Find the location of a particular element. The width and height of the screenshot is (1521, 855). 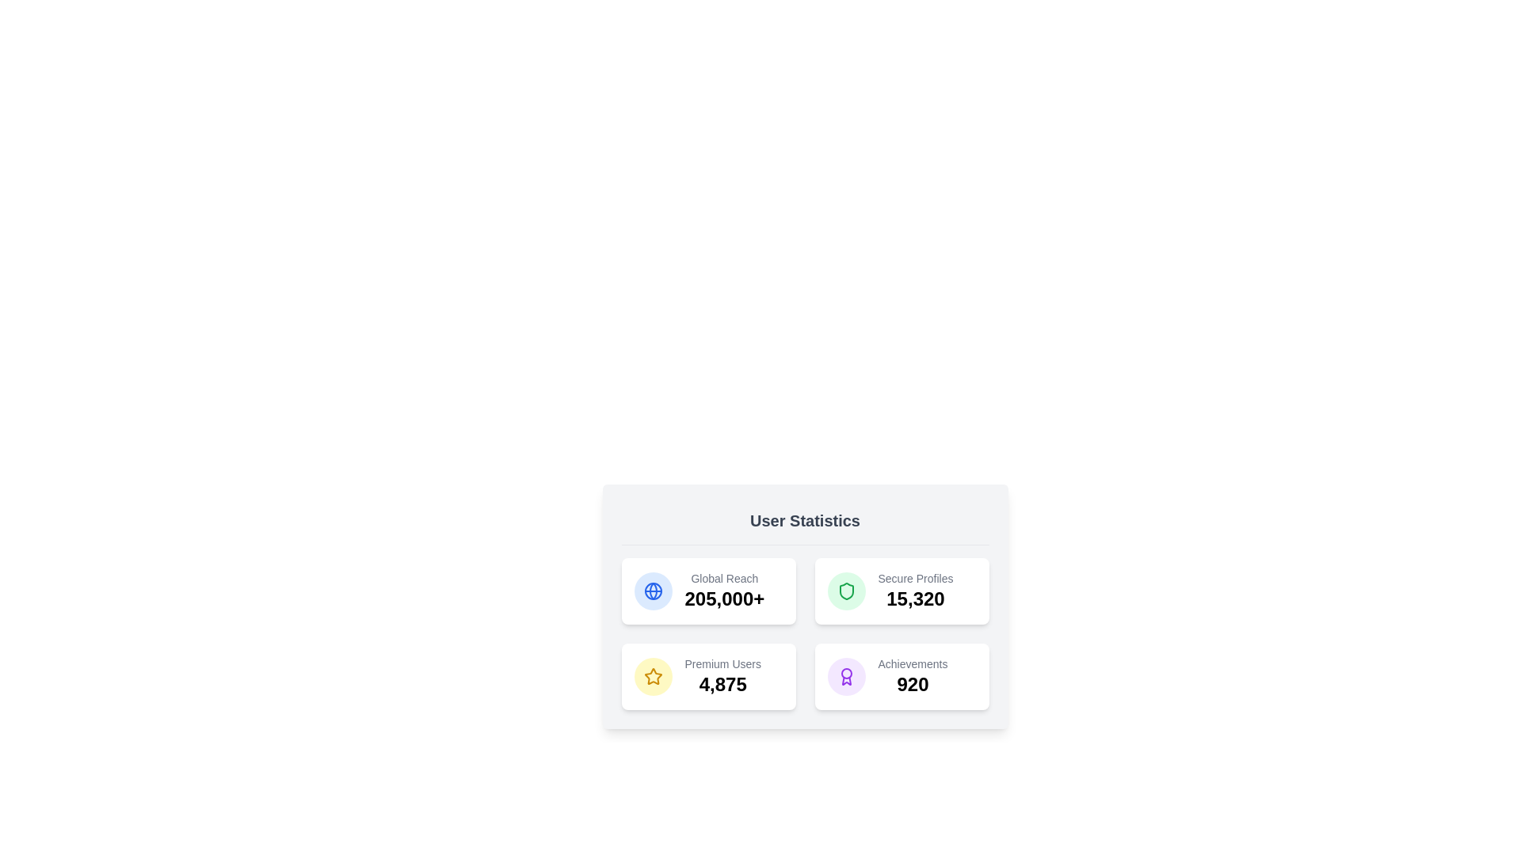

the design of the yellow five-pointed star icon located in the fourth block of the user statistics section under the 'Achievements' category is located at coordinates (653, 676).